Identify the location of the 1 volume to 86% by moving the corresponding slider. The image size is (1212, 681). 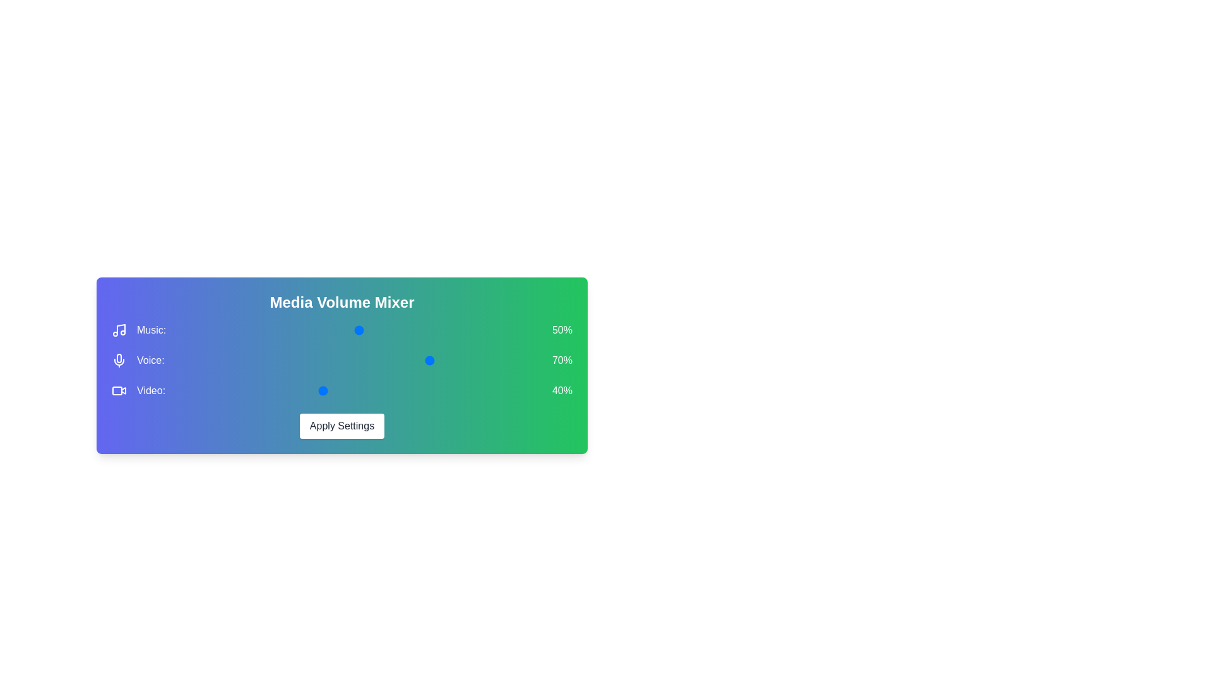
(516, 360).